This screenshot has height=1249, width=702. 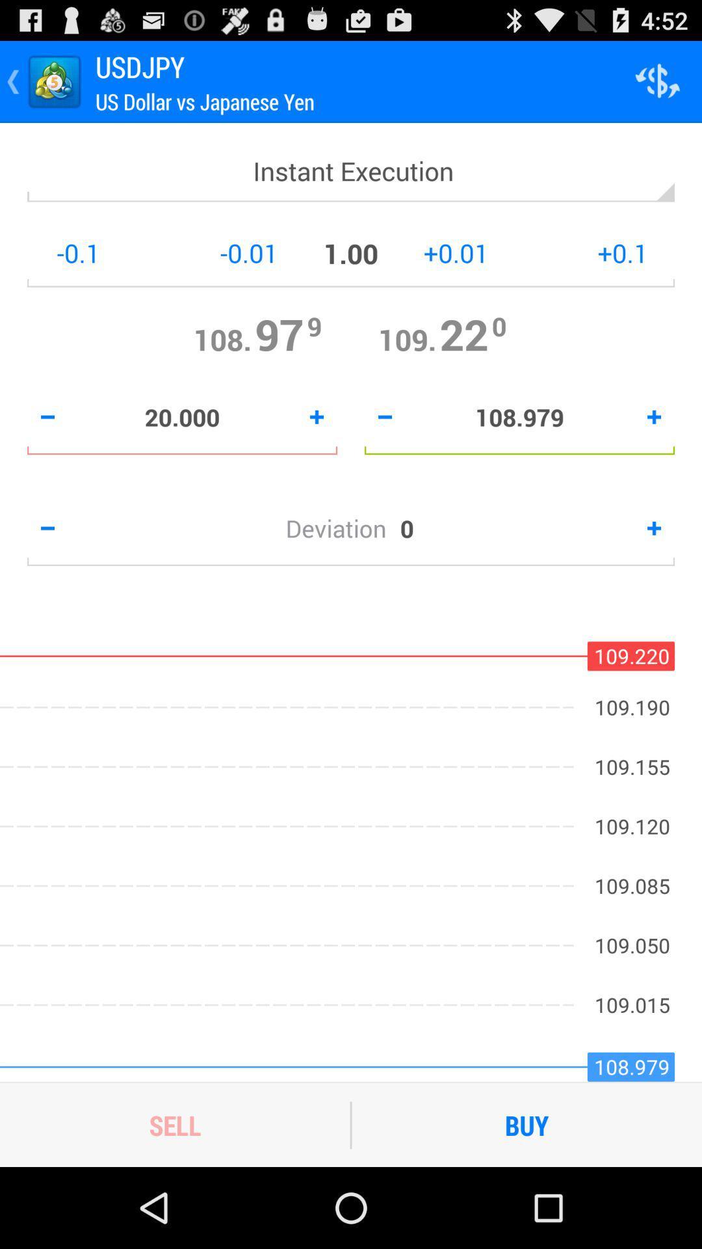 What do you see at coordinates (182, 417) in the screenshot?
I see `the 20.000 item` at bounding box center [182, 417].